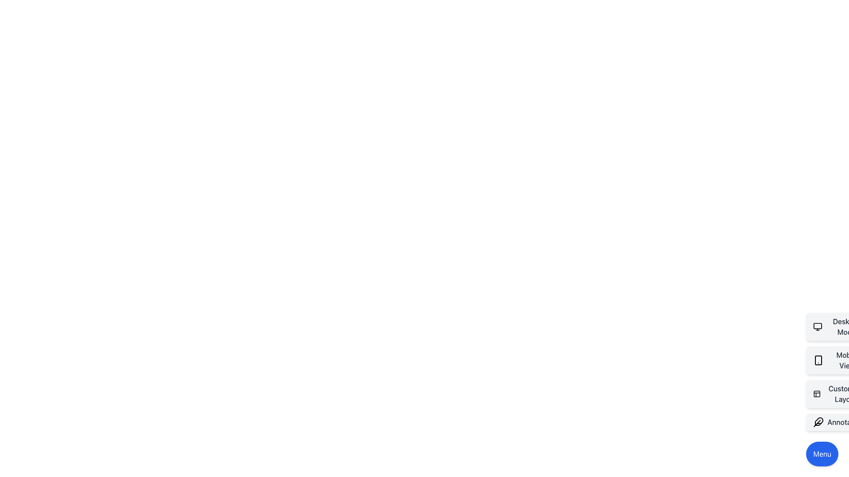  What do you see at coordinates (817, 393) in the screenshot?
I see `the black square Icon Component with rounded corners, measuring 18x18 pixels, located near the bottom-right of the interface` at bounding box center [817, 393].